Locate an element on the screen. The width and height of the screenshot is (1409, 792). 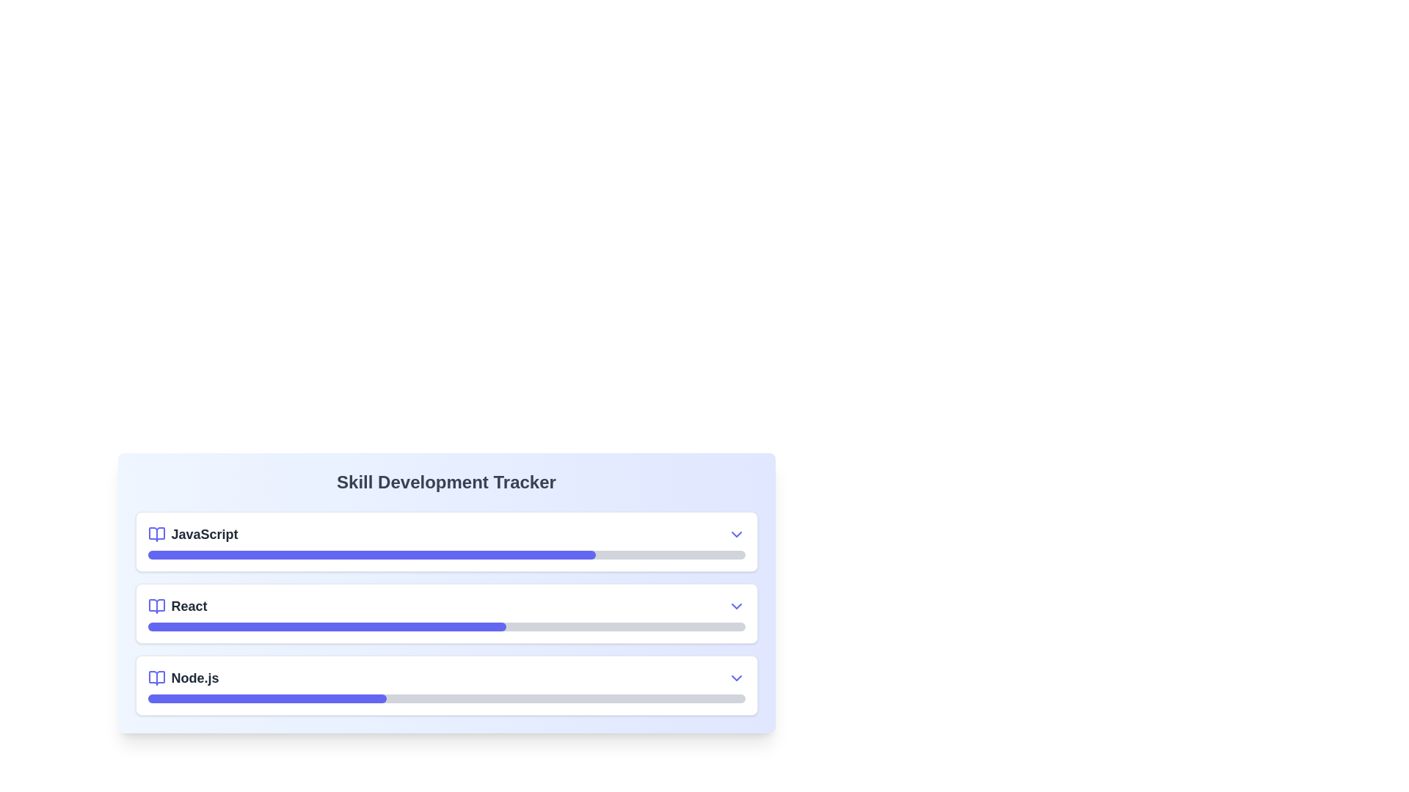
text content of the label displaying 'JavaScript', which is aligned to the right of a small indigo book icon is located at coordinates (203, 535).